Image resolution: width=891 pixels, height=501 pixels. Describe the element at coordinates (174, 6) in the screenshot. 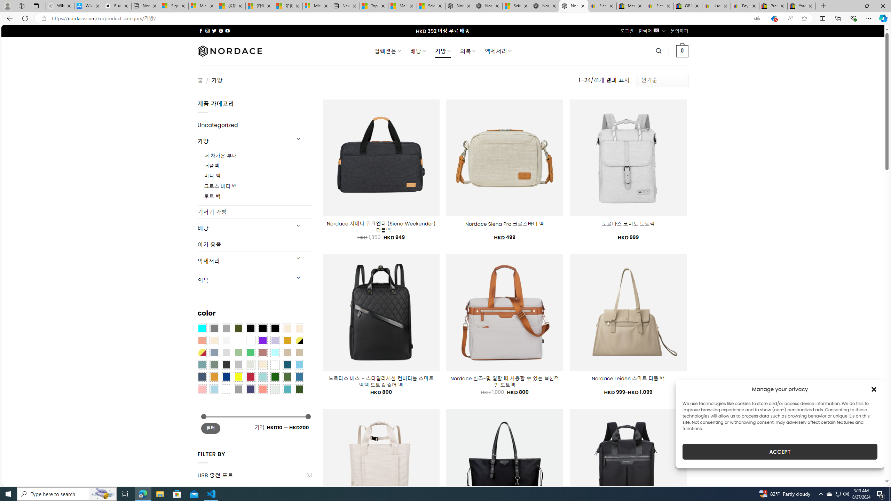

I see `'Sign in to your Microsoft account'` at that location.